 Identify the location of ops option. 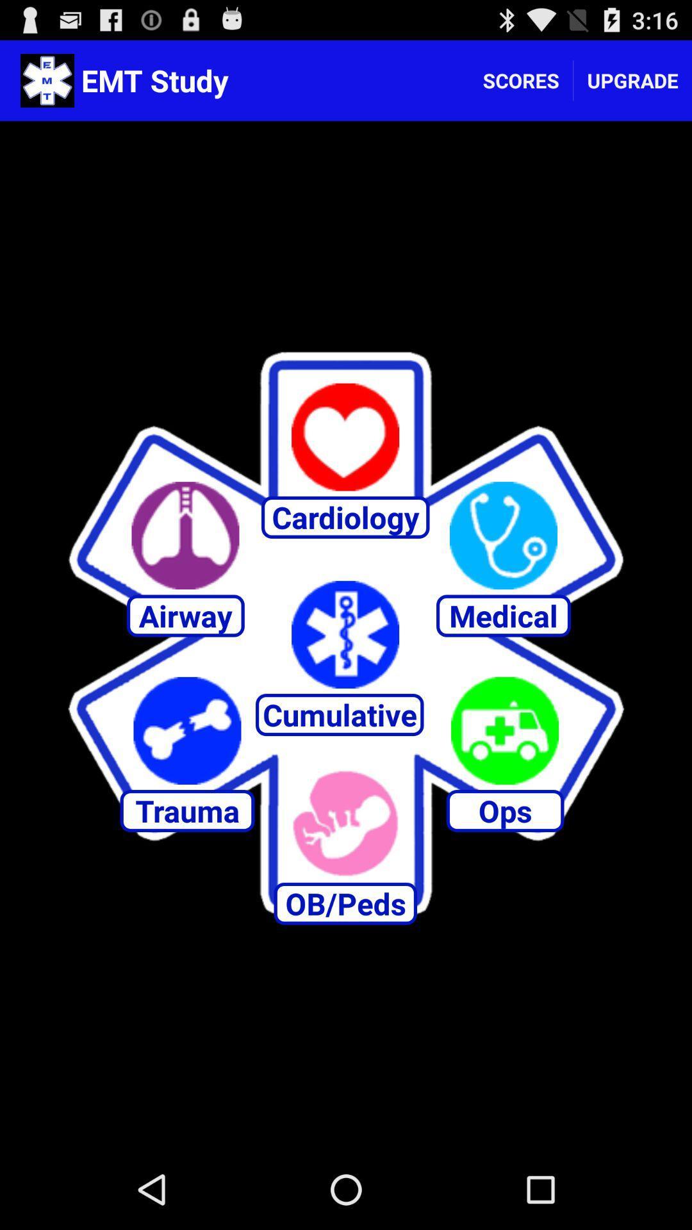
(504, 730).